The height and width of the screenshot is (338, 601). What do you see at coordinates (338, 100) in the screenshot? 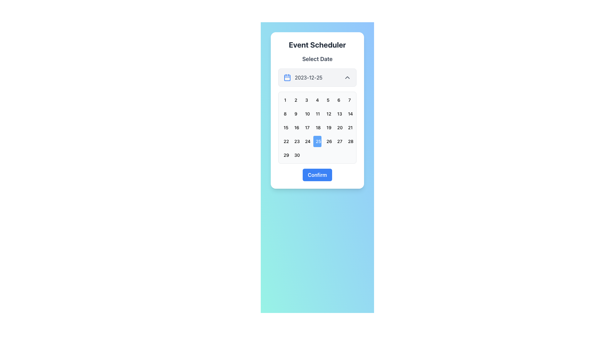
I see `the selectable date option button for the sixth day of the month in the calendar interface, located in the first row and sixth column of the grid` at bounding box center [338, 100].